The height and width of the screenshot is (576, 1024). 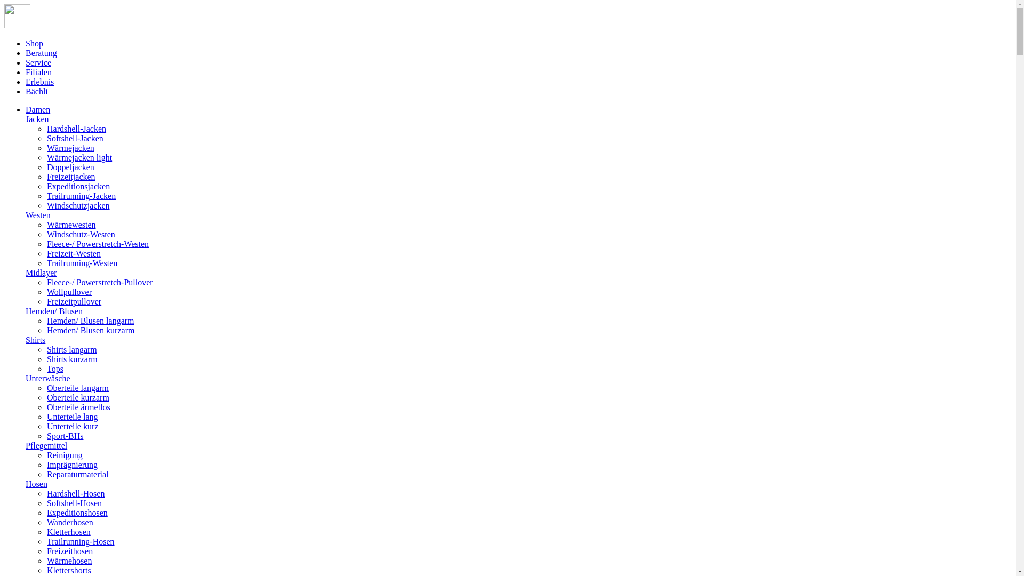 What do you see at coordinates (46, 388) in the screenshot?
I see `'Oberteile langarm'` at bounding box center [46, 388].